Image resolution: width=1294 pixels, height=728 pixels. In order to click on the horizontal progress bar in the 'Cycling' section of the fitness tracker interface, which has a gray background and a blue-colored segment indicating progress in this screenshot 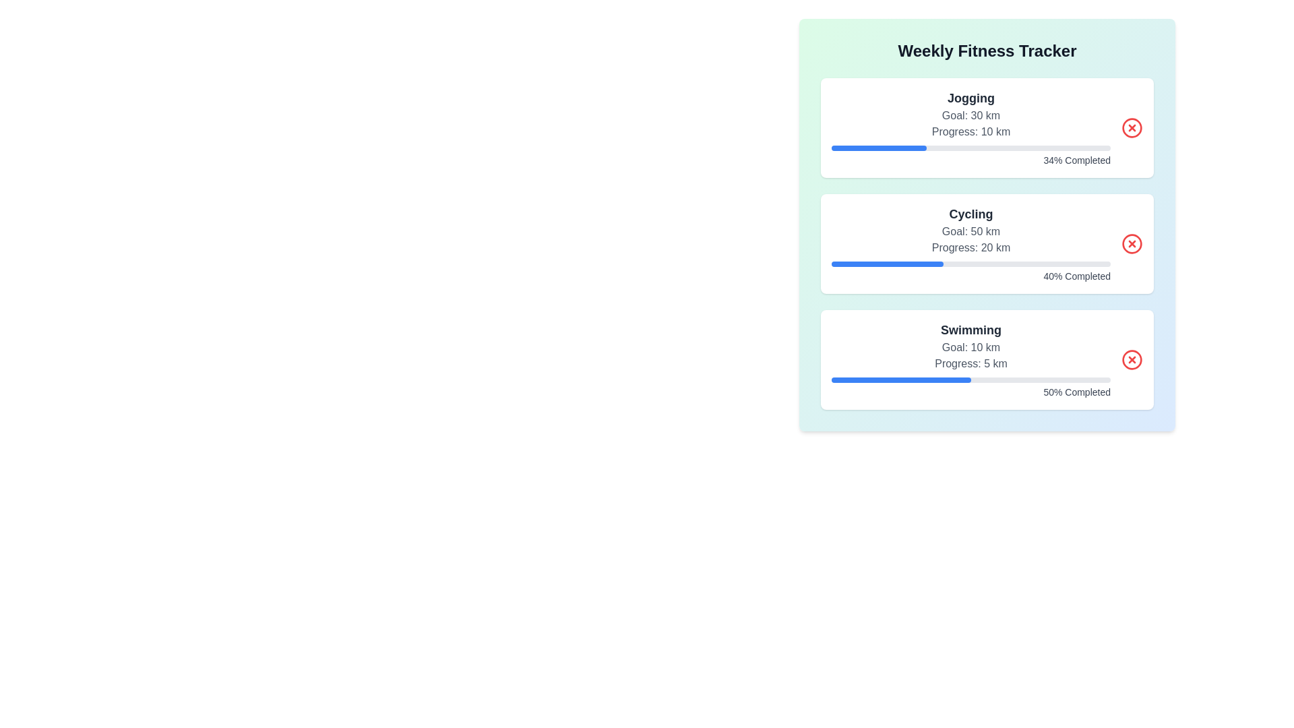, I will do `click(970, 264)`.